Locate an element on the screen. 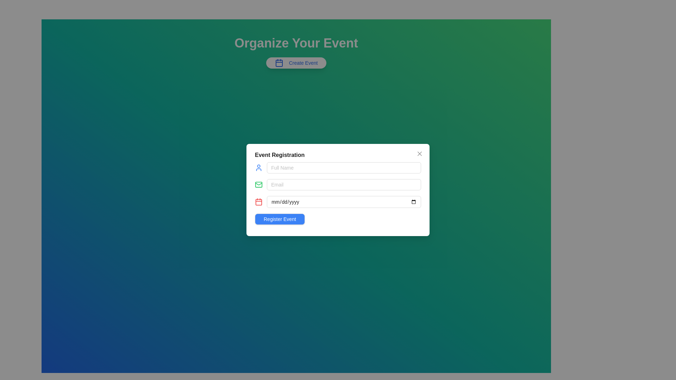 The width and height of the screenshot is (676, 380). the 'Create Event' button, which is styled with a white background and blue text, located beneath the header 'Organize Your Event' is located at coordinates (296, 62).